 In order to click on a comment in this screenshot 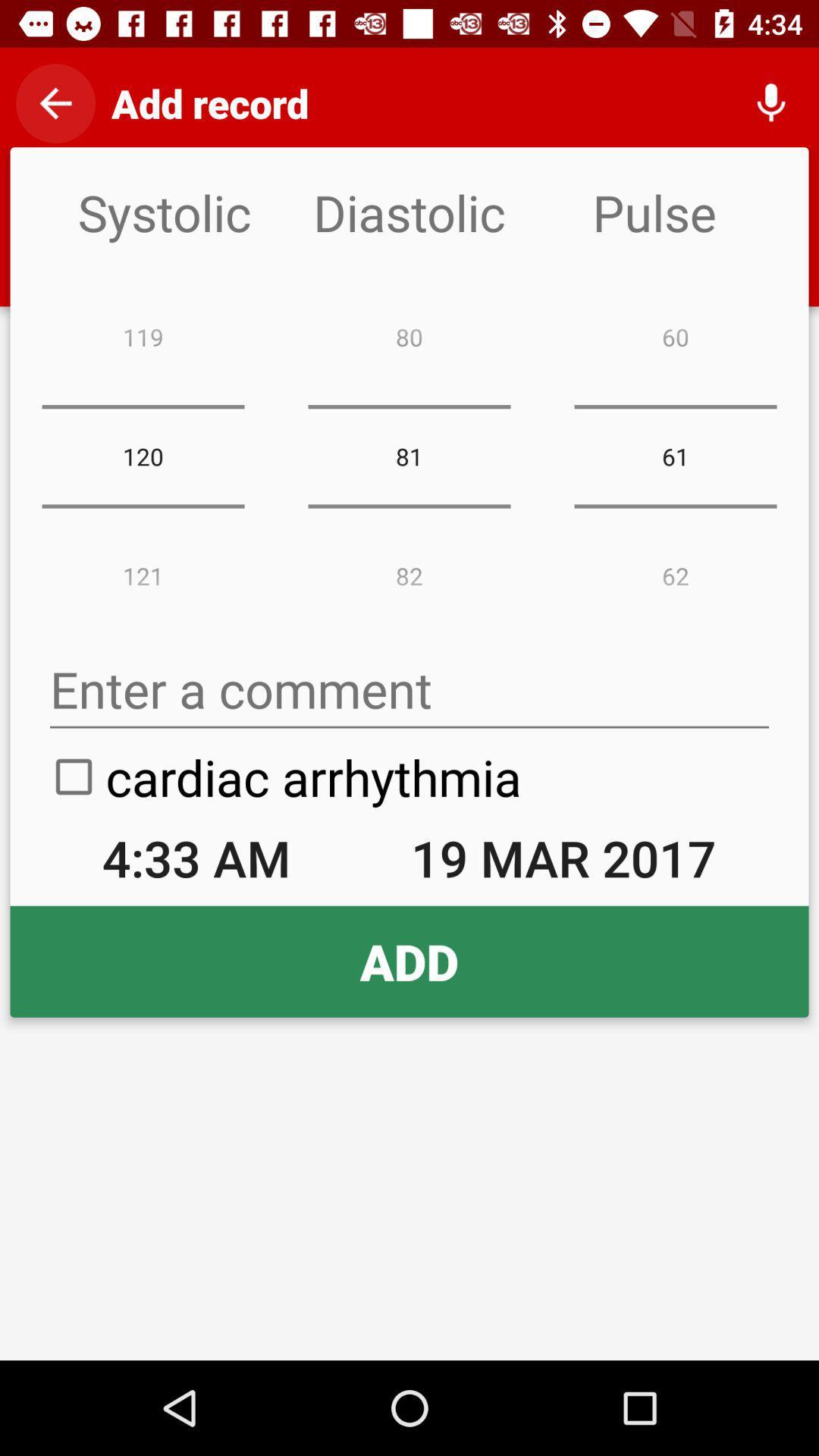, I will do `click(409, 689)`.